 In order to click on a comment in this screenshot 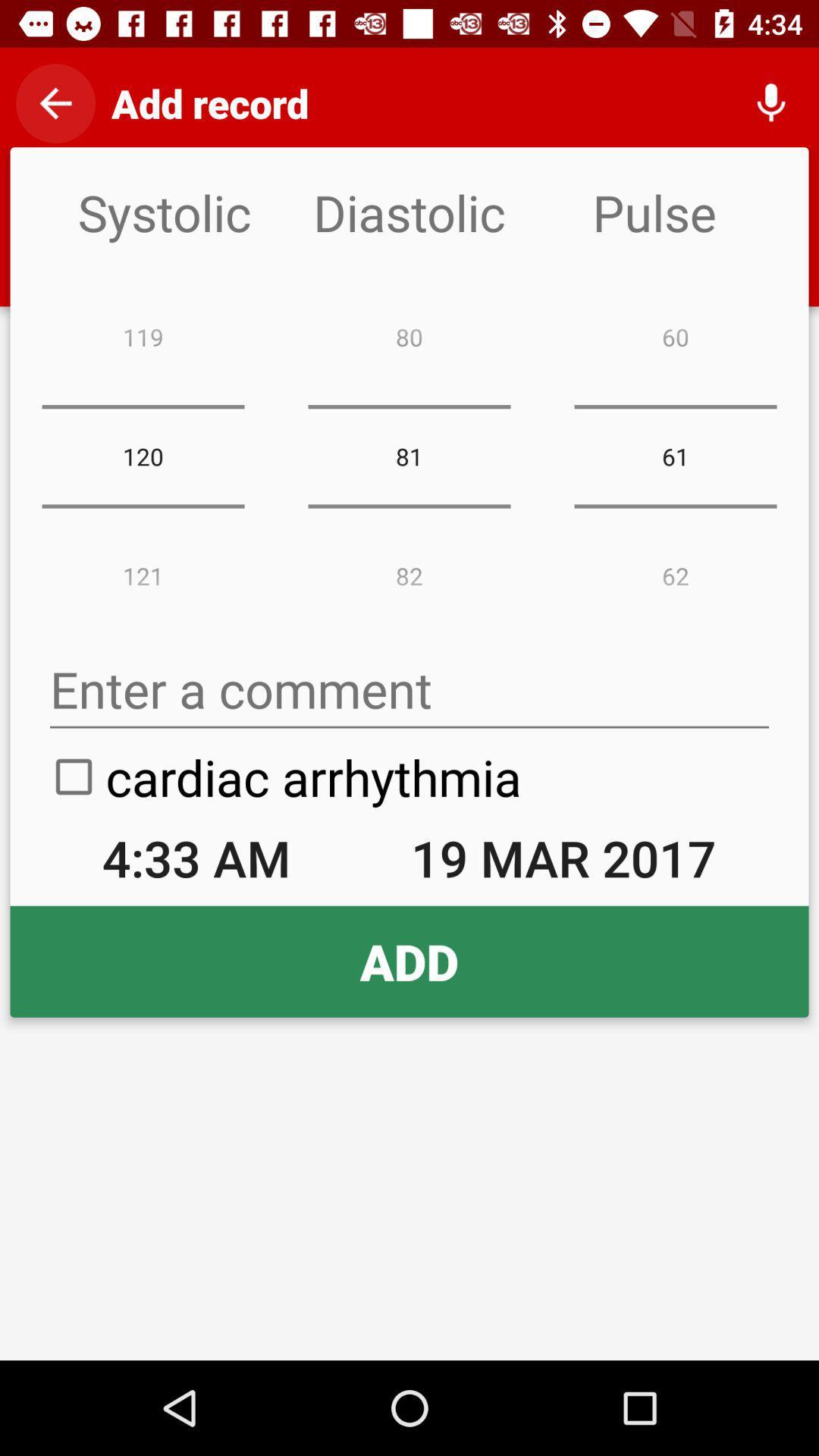, I will do `click(409, 689)`.